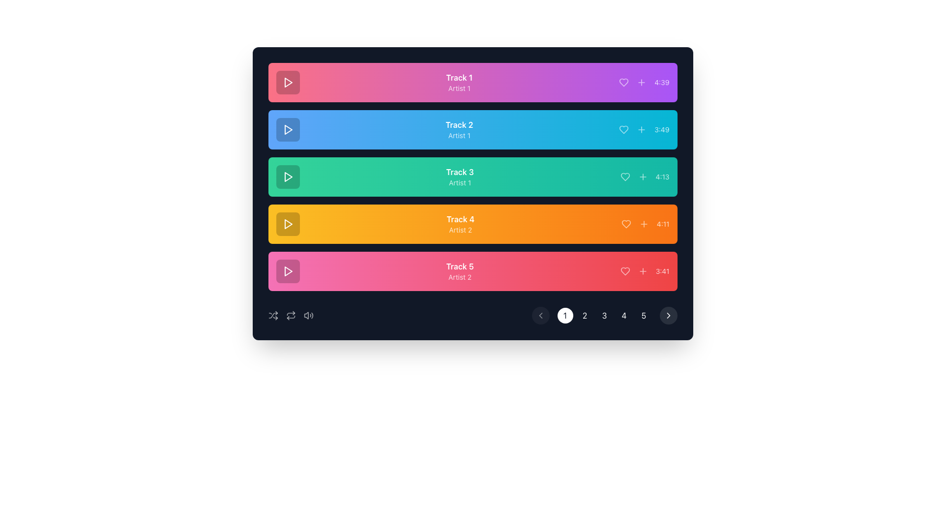 This screenshot has height=531, width=944. I want to click on the play button located on the leftmost side of the blue segment for 'Track 2' to initiate playback, so click(288, 129).